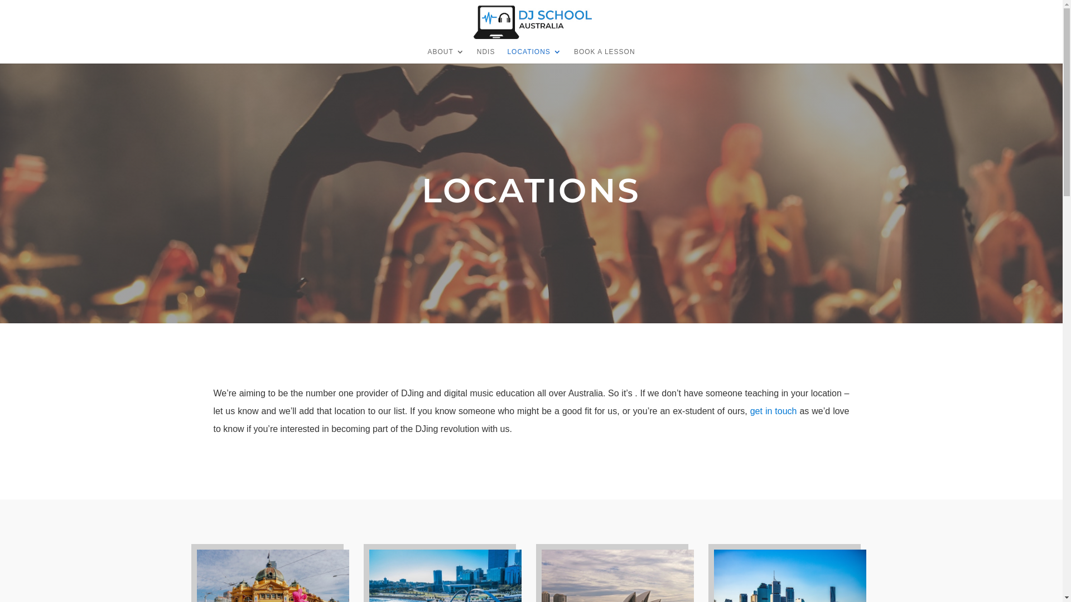 Image resolution: width=1071 pixels, height=602 pixels. Describe the element at coordinates (486, 56) in the screenshot. I see `'NDIS'` at that location.